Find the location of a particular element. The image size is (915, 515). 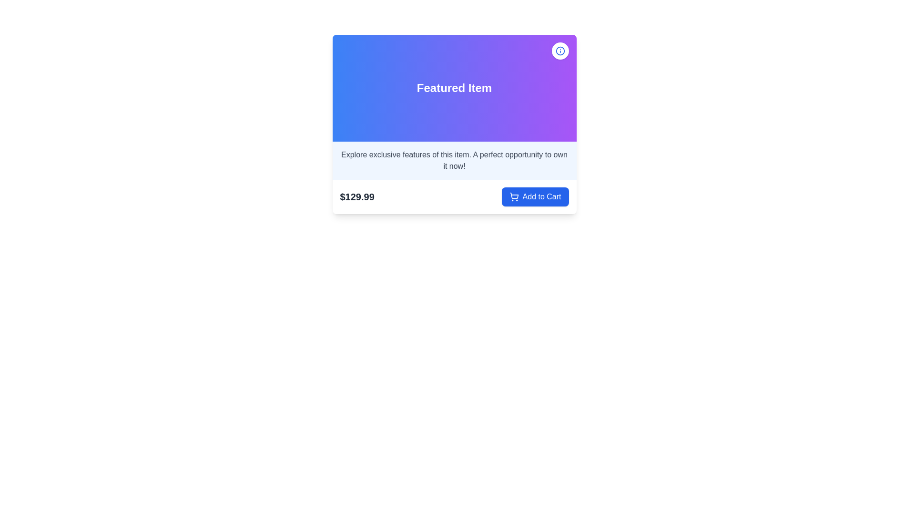

the vector graphic circle element located in the top-right corner of the 'Featured Item' card is located at coordinates (560, 51).